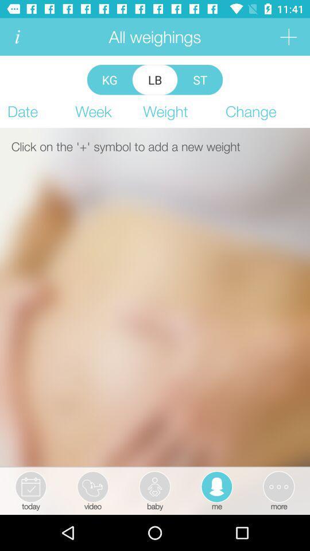 The height and width of the screenshot is (551, 310). I want to click on weighing, so click(288, 37).